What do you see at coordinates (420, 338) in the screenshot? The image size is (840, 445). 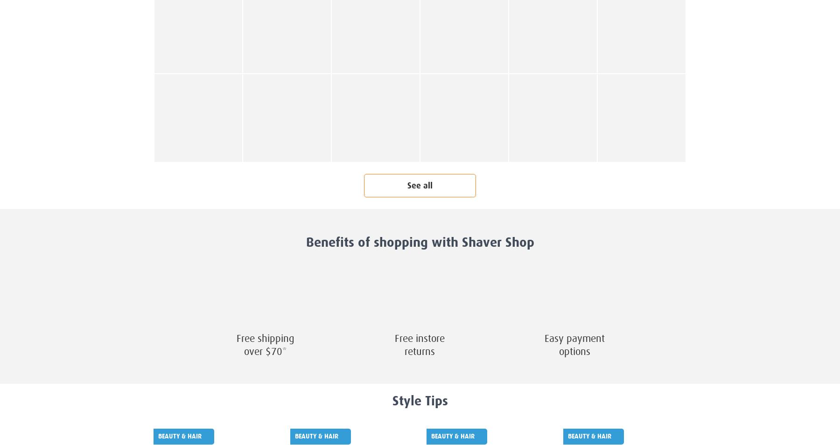 I see `'Free instore'` at bounding box center [420, 338].